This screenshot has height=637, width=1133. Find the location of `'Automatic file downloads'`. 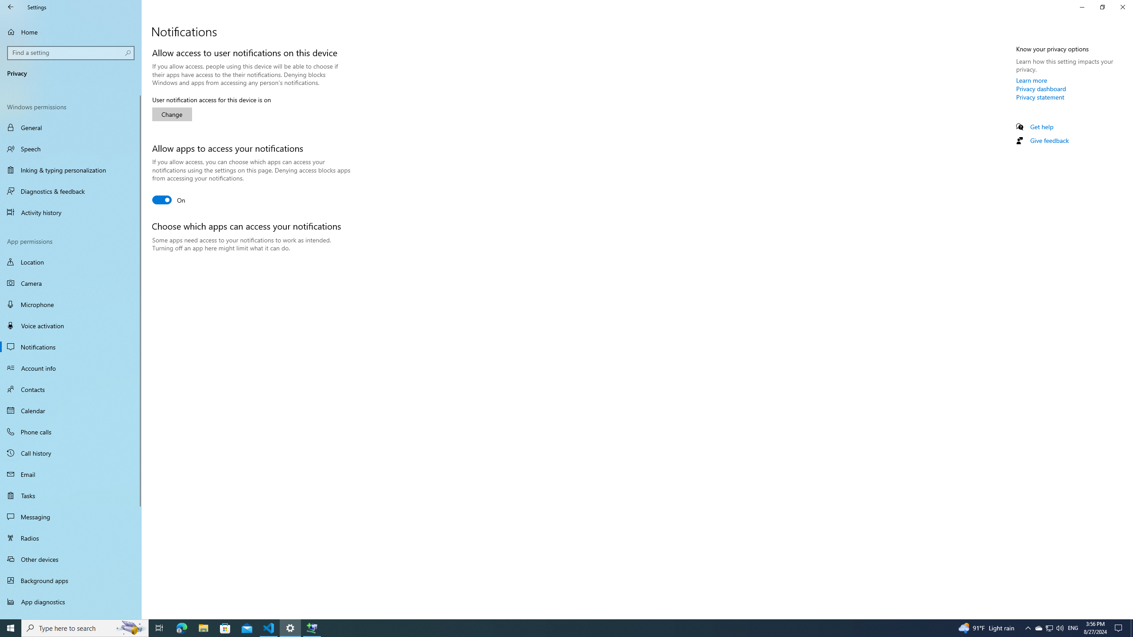

'Automatic file downloads' is located at coordinates (70, 615).